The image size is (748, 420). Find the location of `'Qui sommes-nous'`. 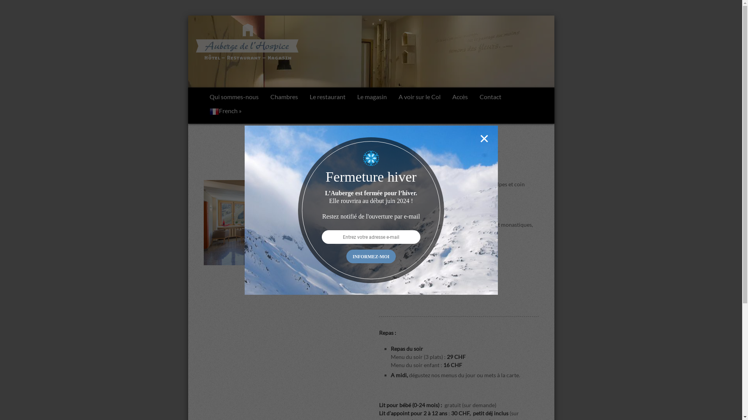

'Qui sommes-nous' is located at coordinates (203, 97).